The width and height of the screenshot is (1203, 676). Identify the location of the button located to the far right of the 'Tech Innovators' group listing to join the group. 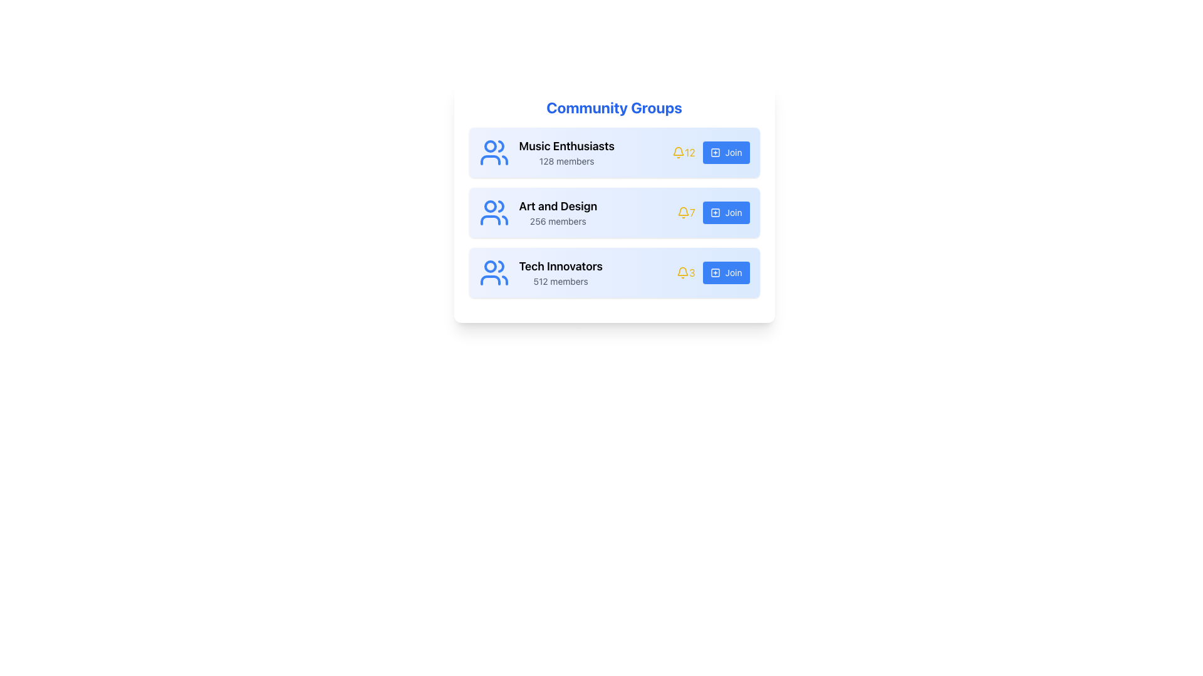
(713, 272).